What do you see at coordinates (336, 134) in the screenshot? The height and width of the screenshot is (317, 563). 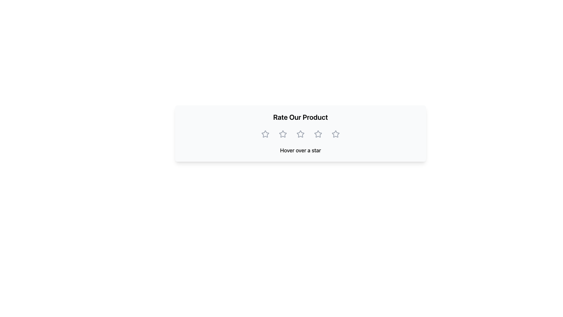 I see `the fifth star icon in the 'Rate Our Product' section, which is distinguished by its vibrant color among a group of five stars` at bounding box center [336, 134].